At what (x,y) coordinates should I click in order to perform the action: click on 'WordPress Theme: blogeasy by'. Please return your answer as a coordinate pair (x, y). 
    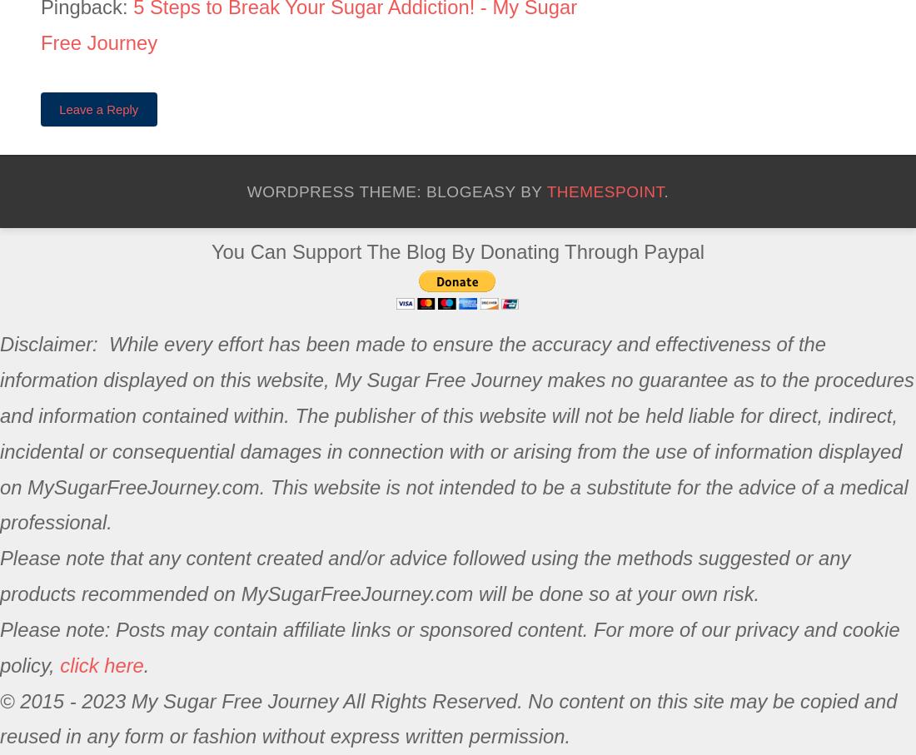
    Looking at the image, I should click on (395, 191).